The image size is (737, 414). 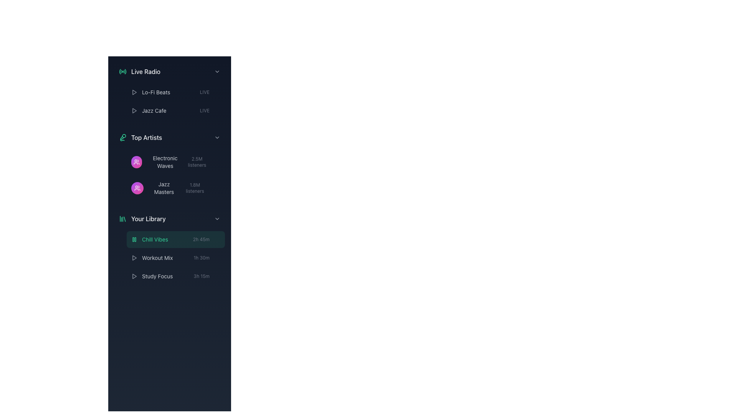 I want to click on the text label displaying '2.5M listeners' located in the 'Top Artists' section, positioned between 'Electronic Waves' and a heart-shaped icon, so click(x=197, y=162).